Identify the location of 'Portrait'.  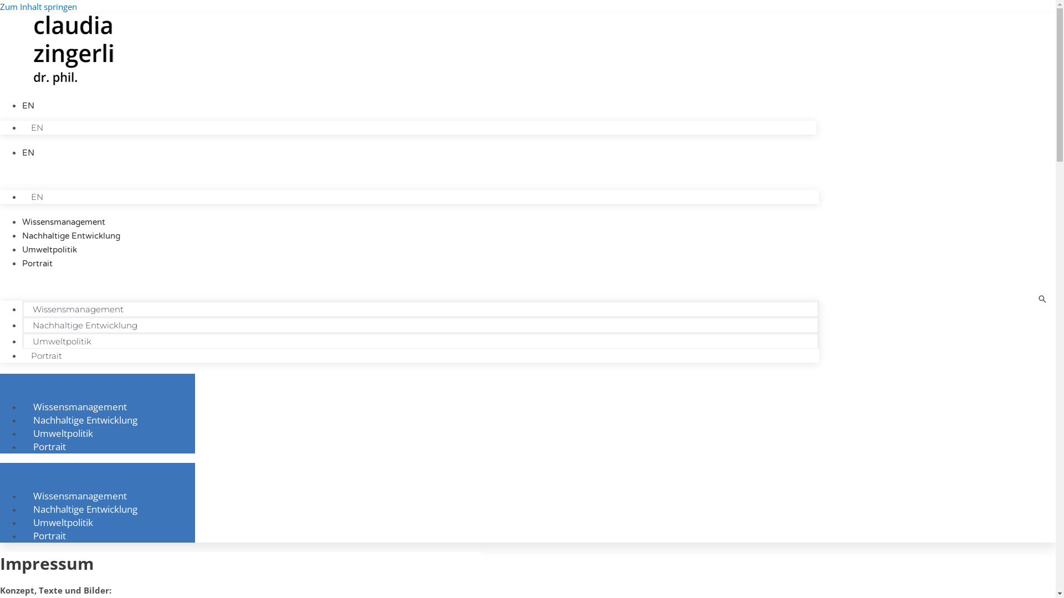
(45, 355).